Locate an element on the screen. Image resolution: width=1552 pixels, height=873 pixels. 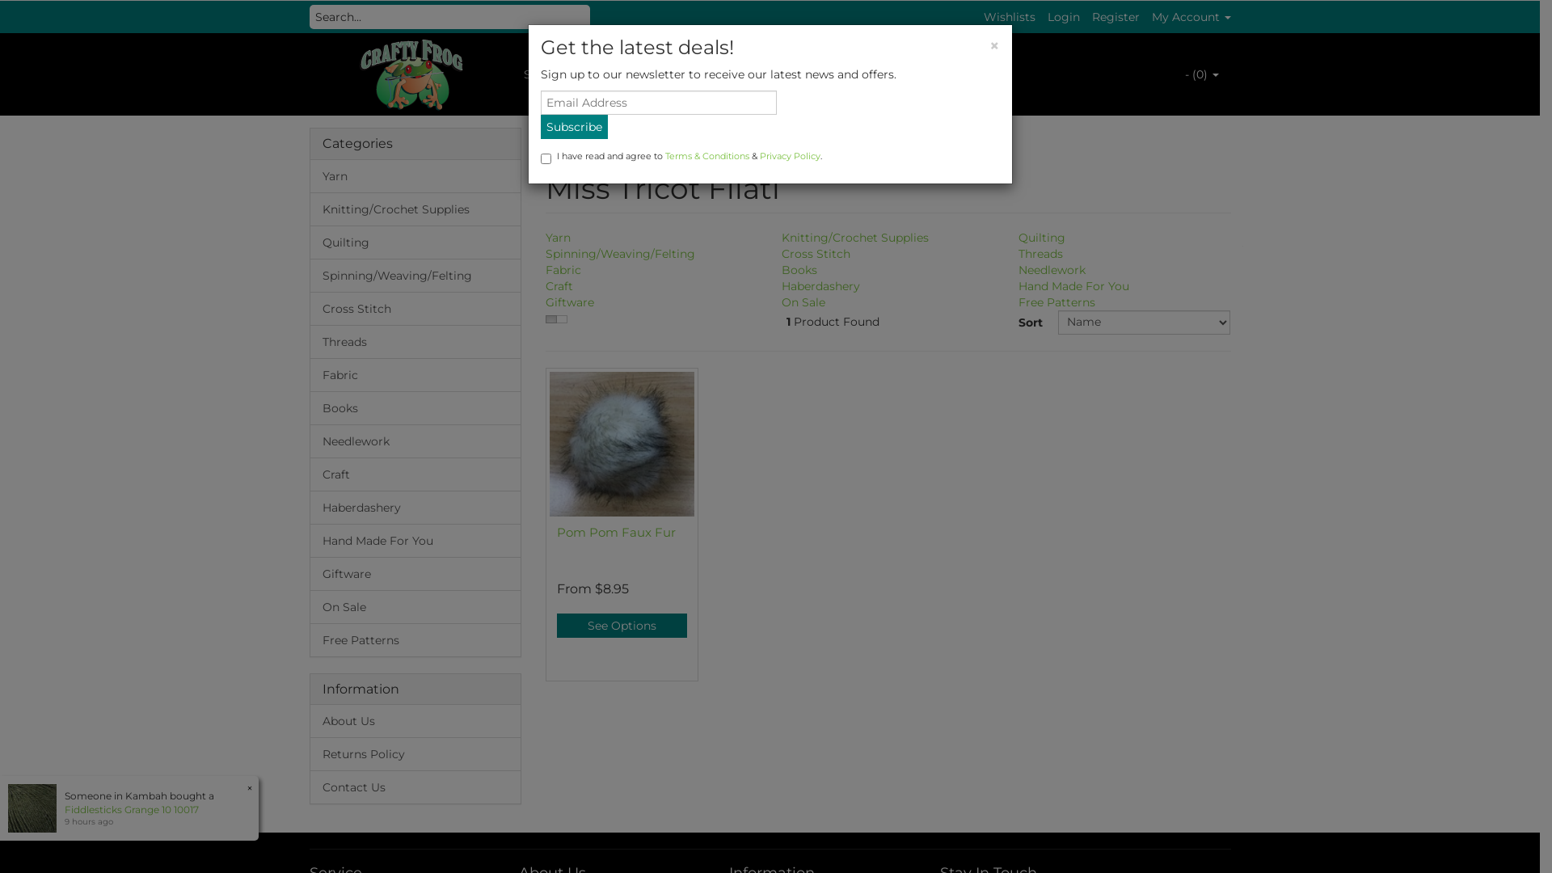
'Haberdashery' is located at coordinates (820, 285).